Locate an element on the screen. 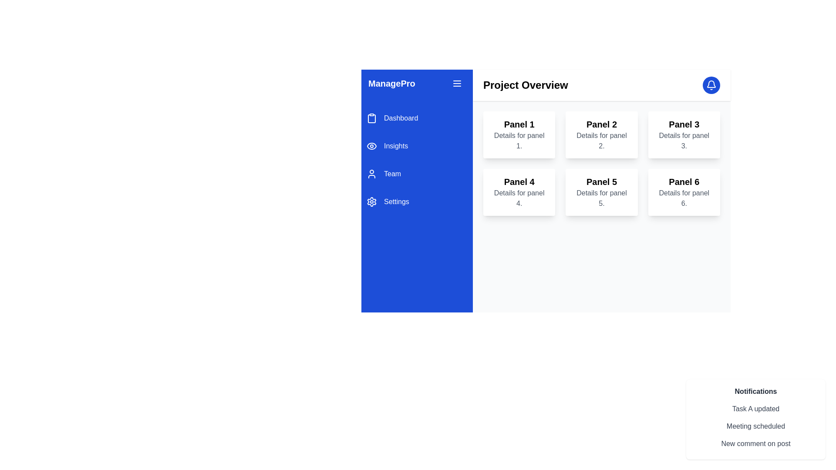  the 'Insights' text label in the vertical navigation menu, which is located below the 'Dashboard' label and above the 'Team' label is located at coordinates (395, 145).